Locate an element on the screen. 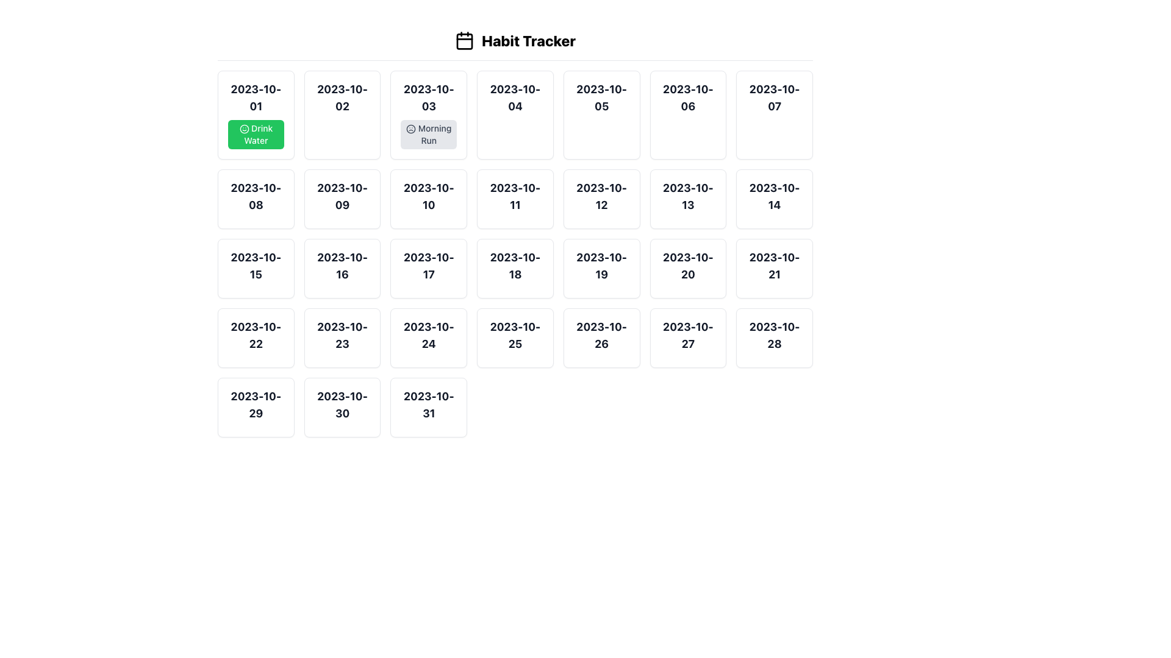  the bold-styled static text element displaying the date '2023-10-09', which is part of a calendar layout and positioned in the second row and third column of the grid is located at coordinates (342, 196).